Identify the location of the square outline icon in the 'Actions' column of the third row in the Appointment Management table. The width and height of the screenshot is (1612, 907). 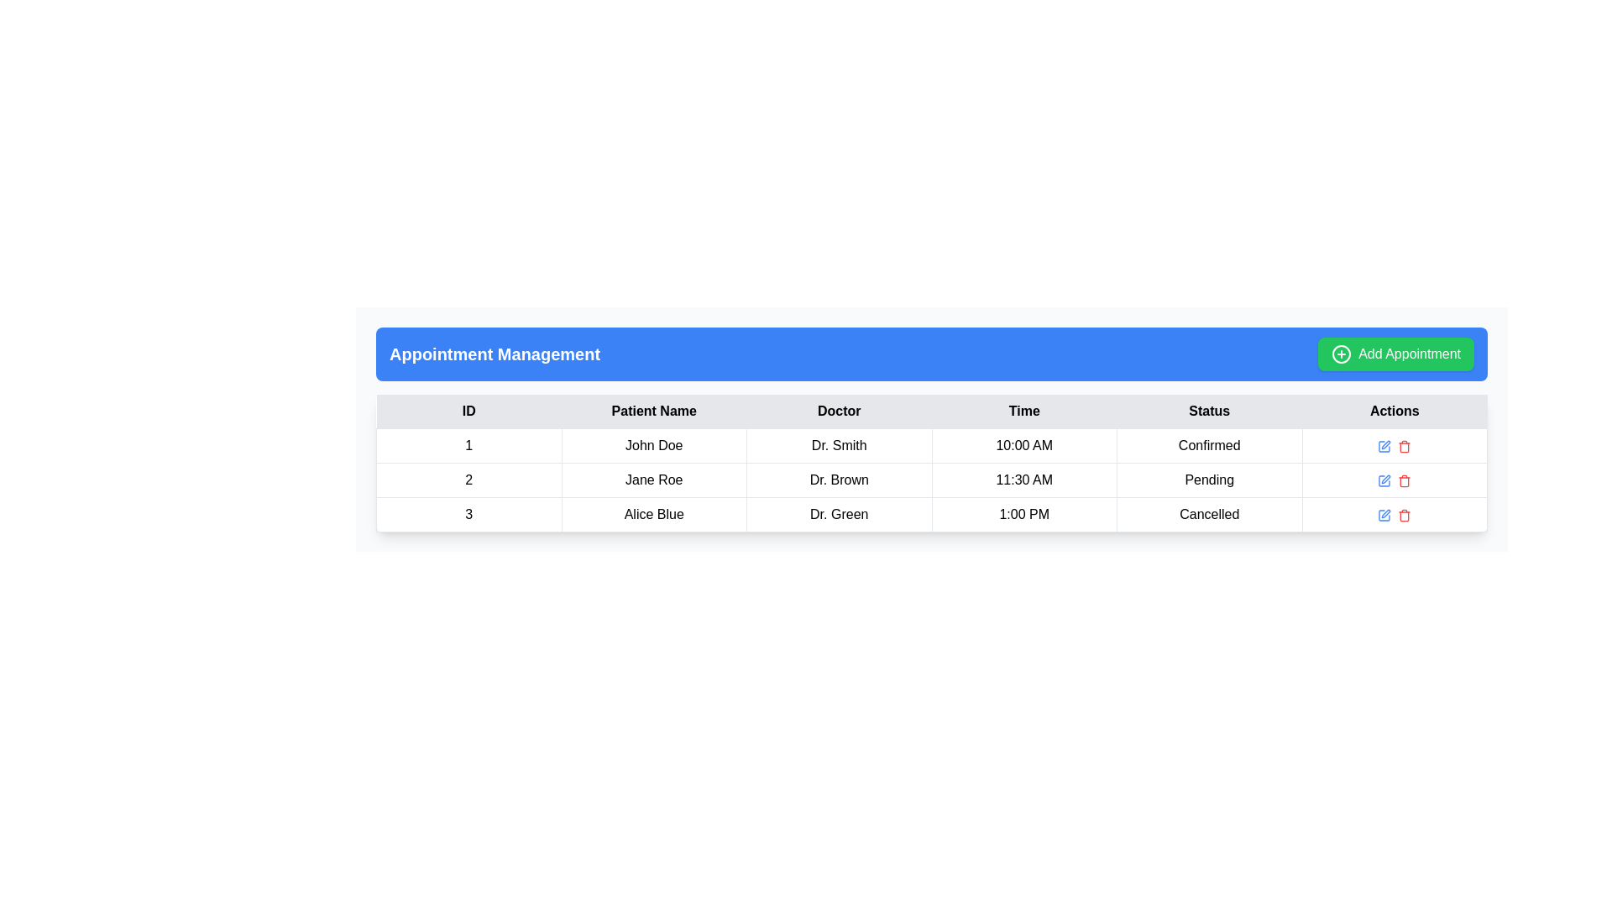
(1384, 445).